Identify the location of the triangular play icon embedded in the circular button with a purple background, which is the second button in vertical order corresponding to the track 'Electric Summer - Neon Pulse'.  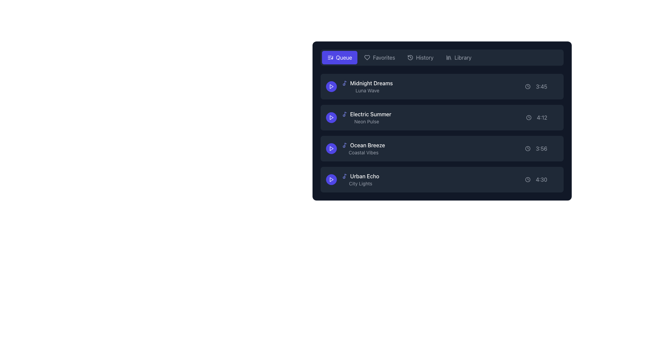
(331, 117).